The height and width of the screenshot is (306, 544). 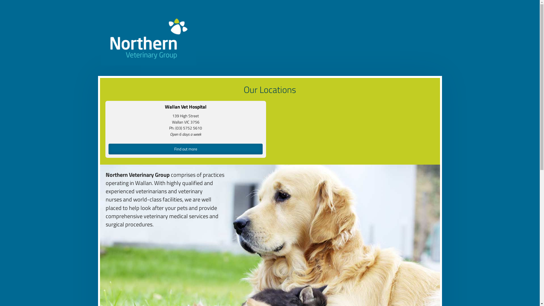 I want to click on 'Find out more', so click(x=185, y=148).